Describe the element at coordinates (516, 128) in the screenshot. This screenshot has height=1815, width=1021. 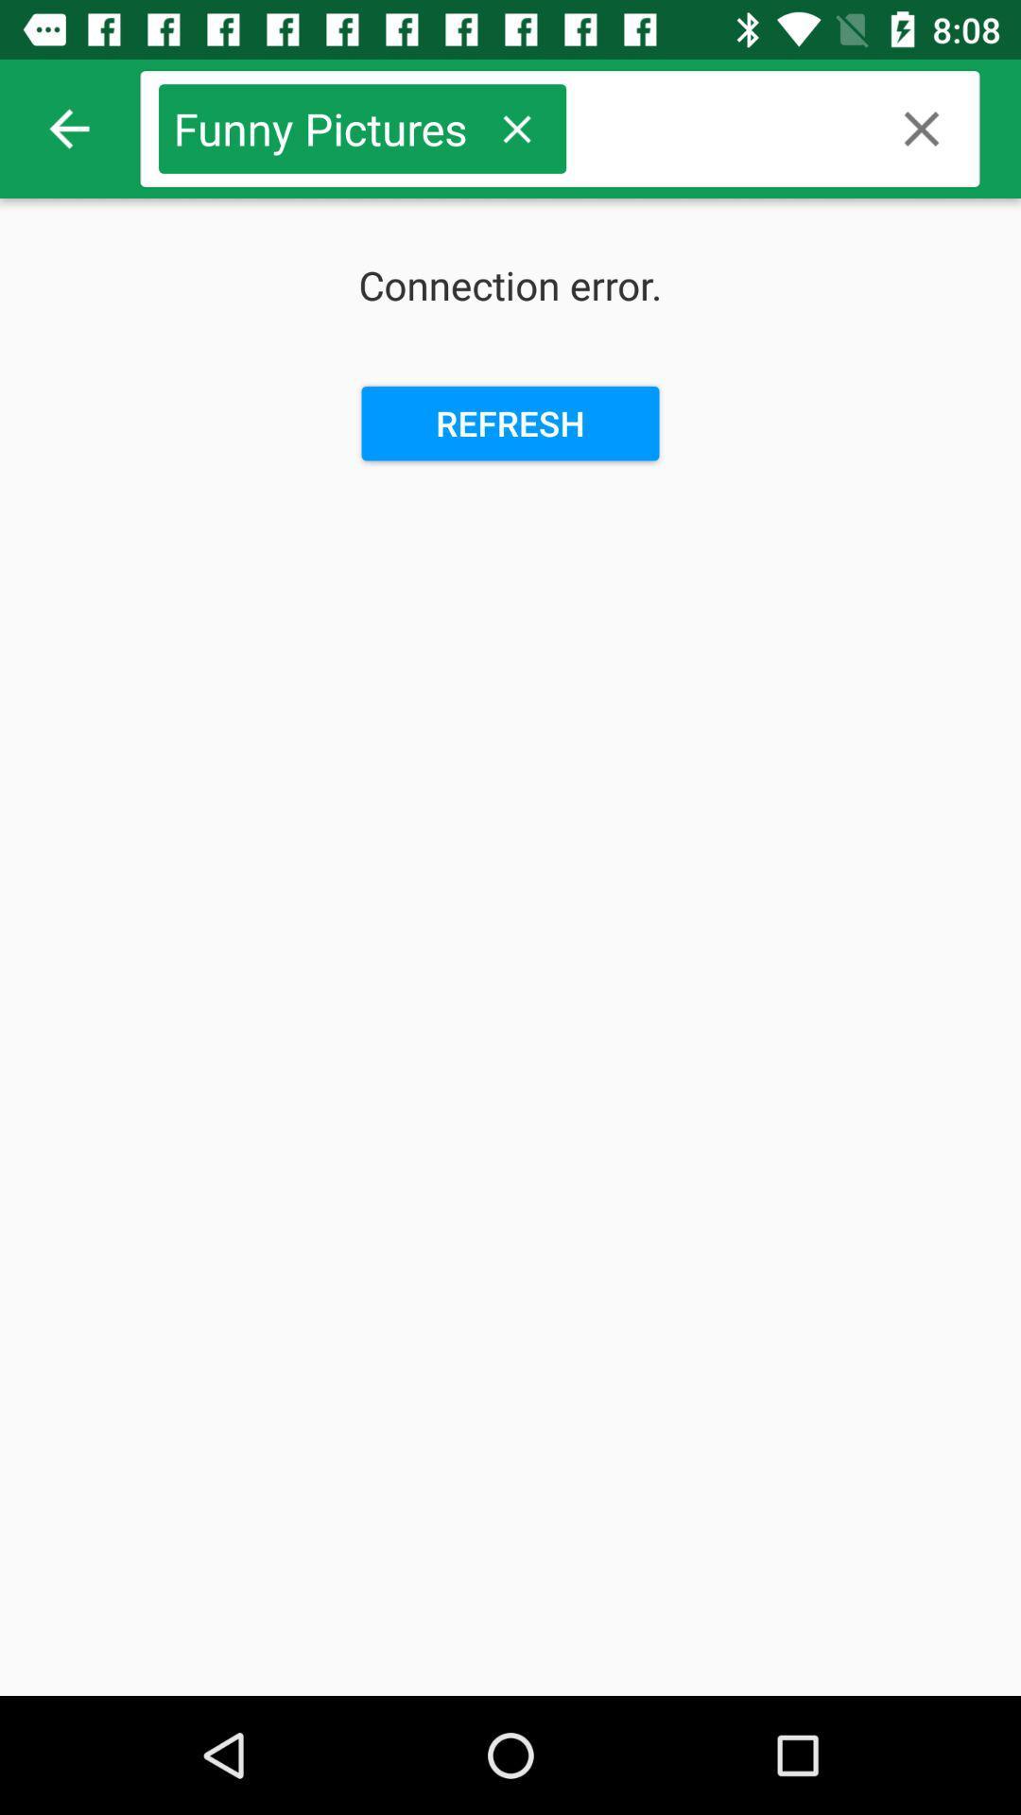
I see `icon next to funny pictures item` at that location.